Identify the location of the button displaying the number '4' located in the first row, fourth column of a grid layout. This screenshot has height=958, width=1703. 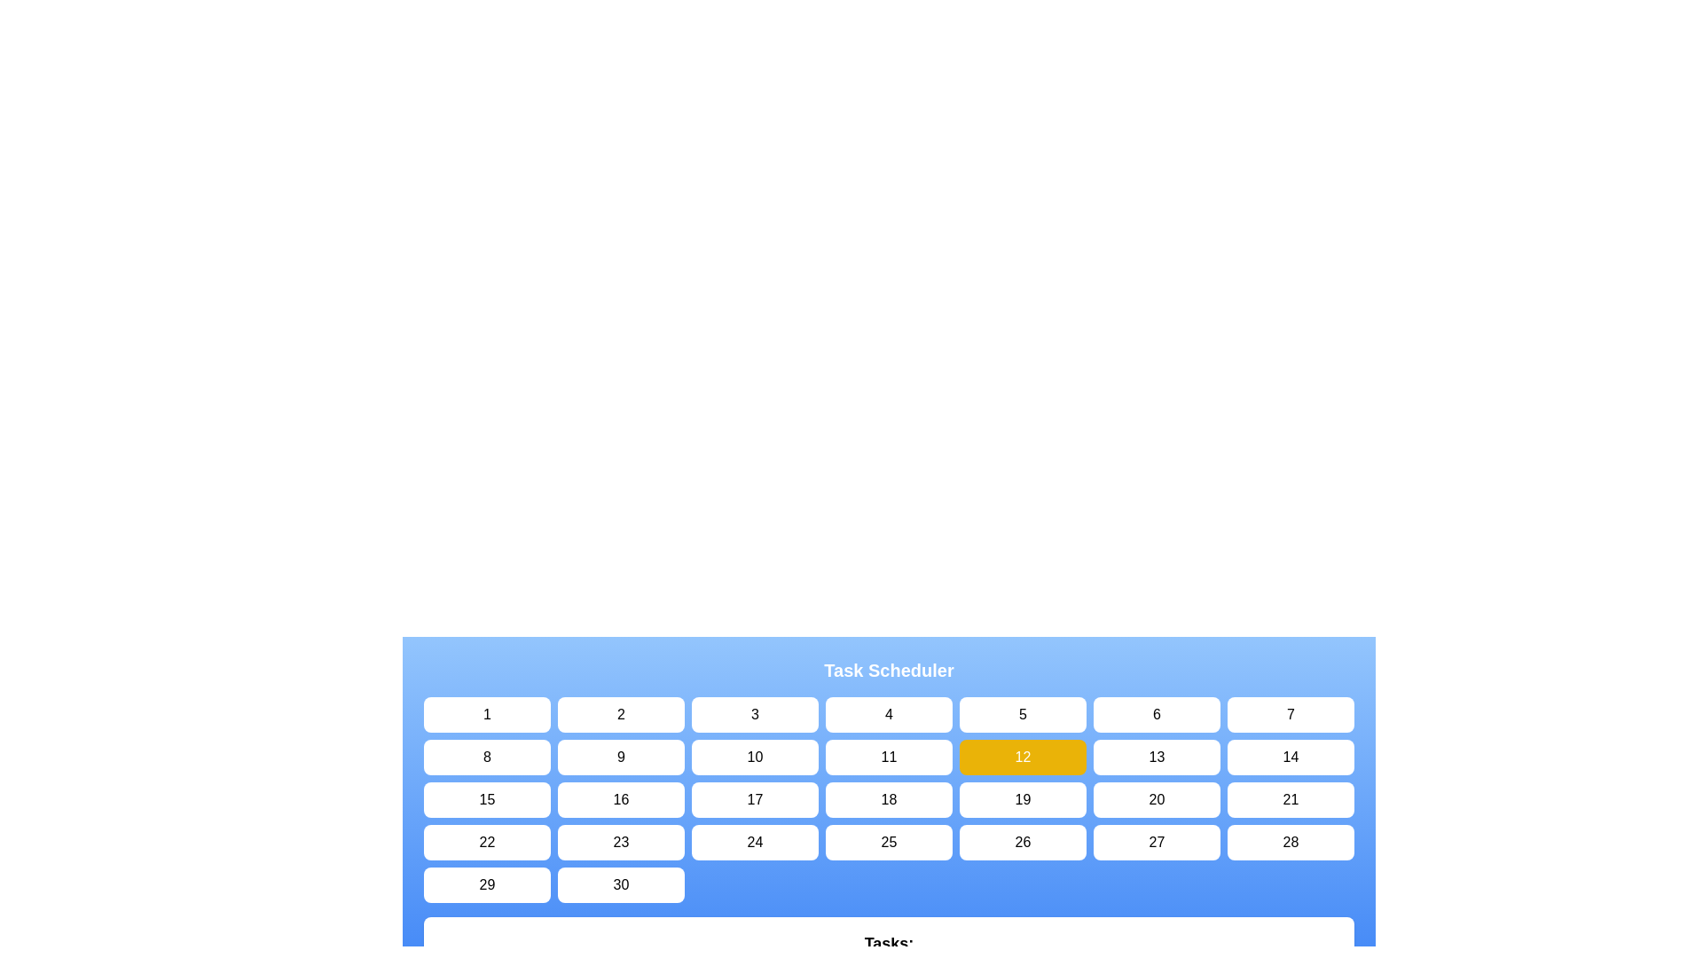
(889, 714).